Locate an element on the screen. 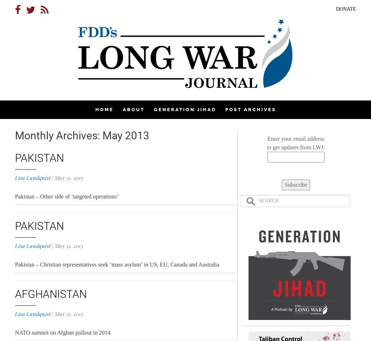 Image resolution: width=371 pixels, height=341 pixels. 'Pakistan – Other side of ‘targeted operations’' is located at coordinates (67, 196).